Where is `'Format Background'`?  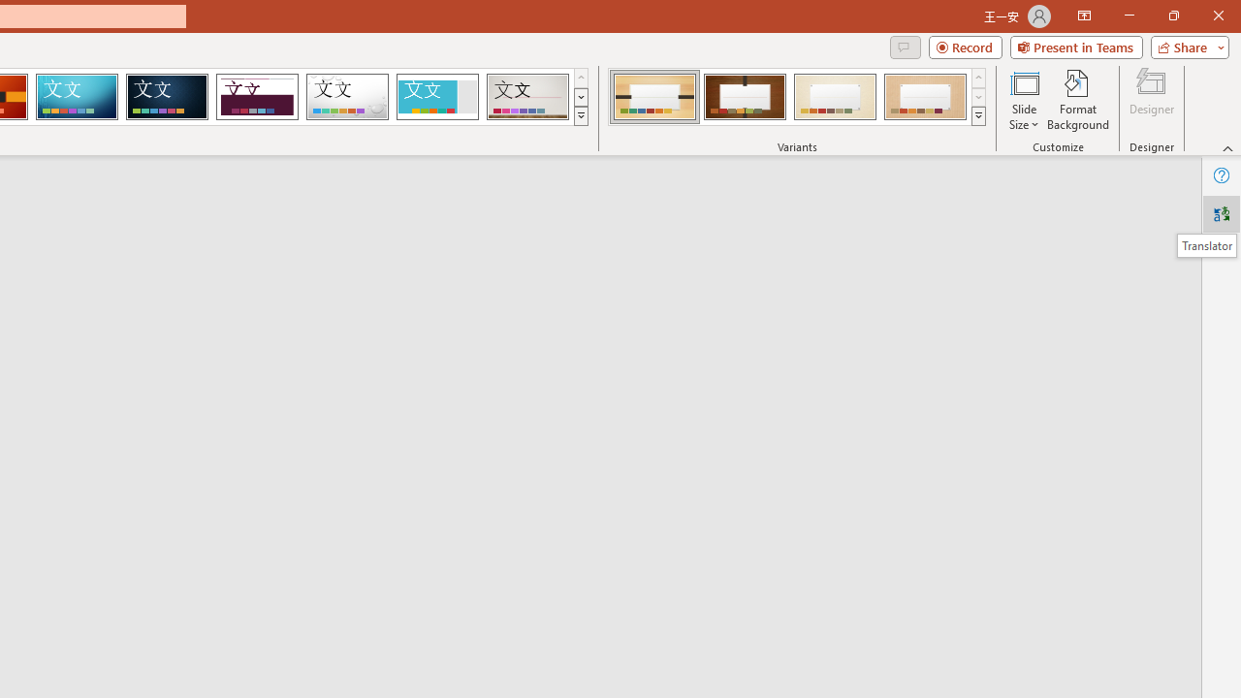 'Format Background' is located at coordinates (1077, 100).